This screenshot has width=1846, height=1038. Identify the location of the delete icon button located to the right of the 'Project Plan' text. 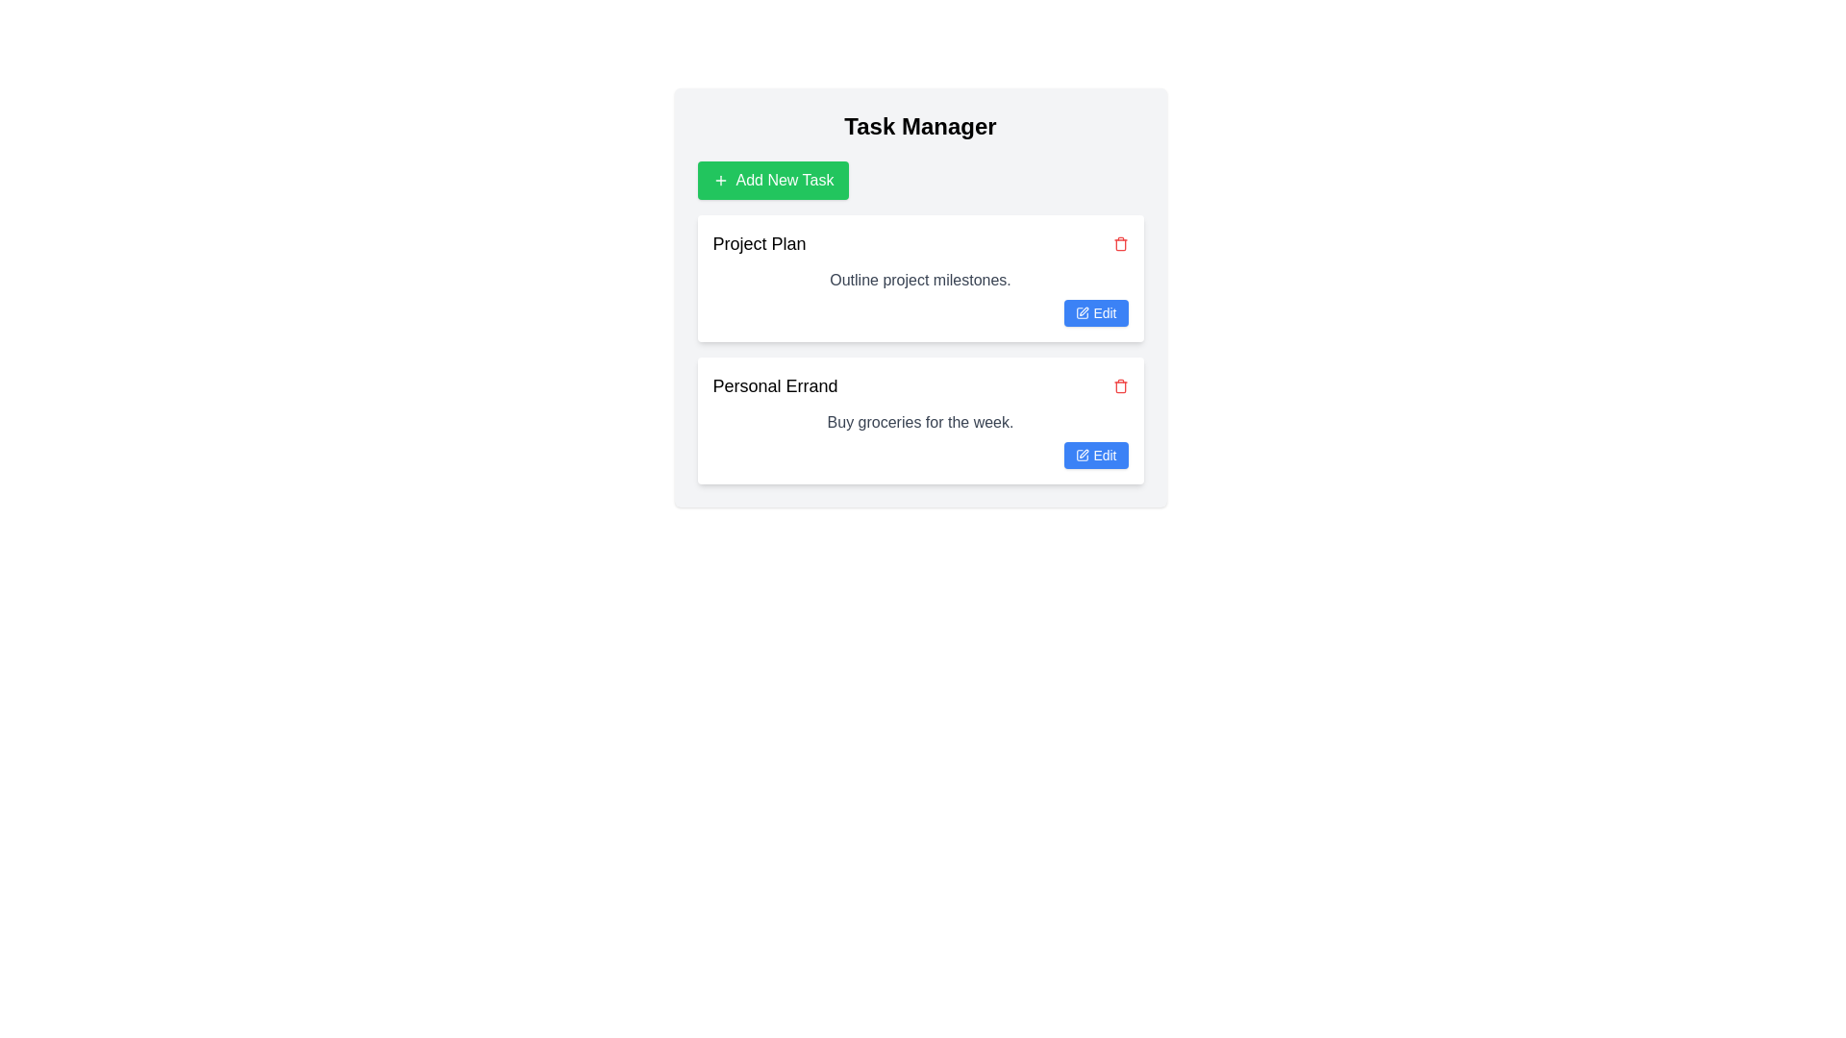
(1120, 243).